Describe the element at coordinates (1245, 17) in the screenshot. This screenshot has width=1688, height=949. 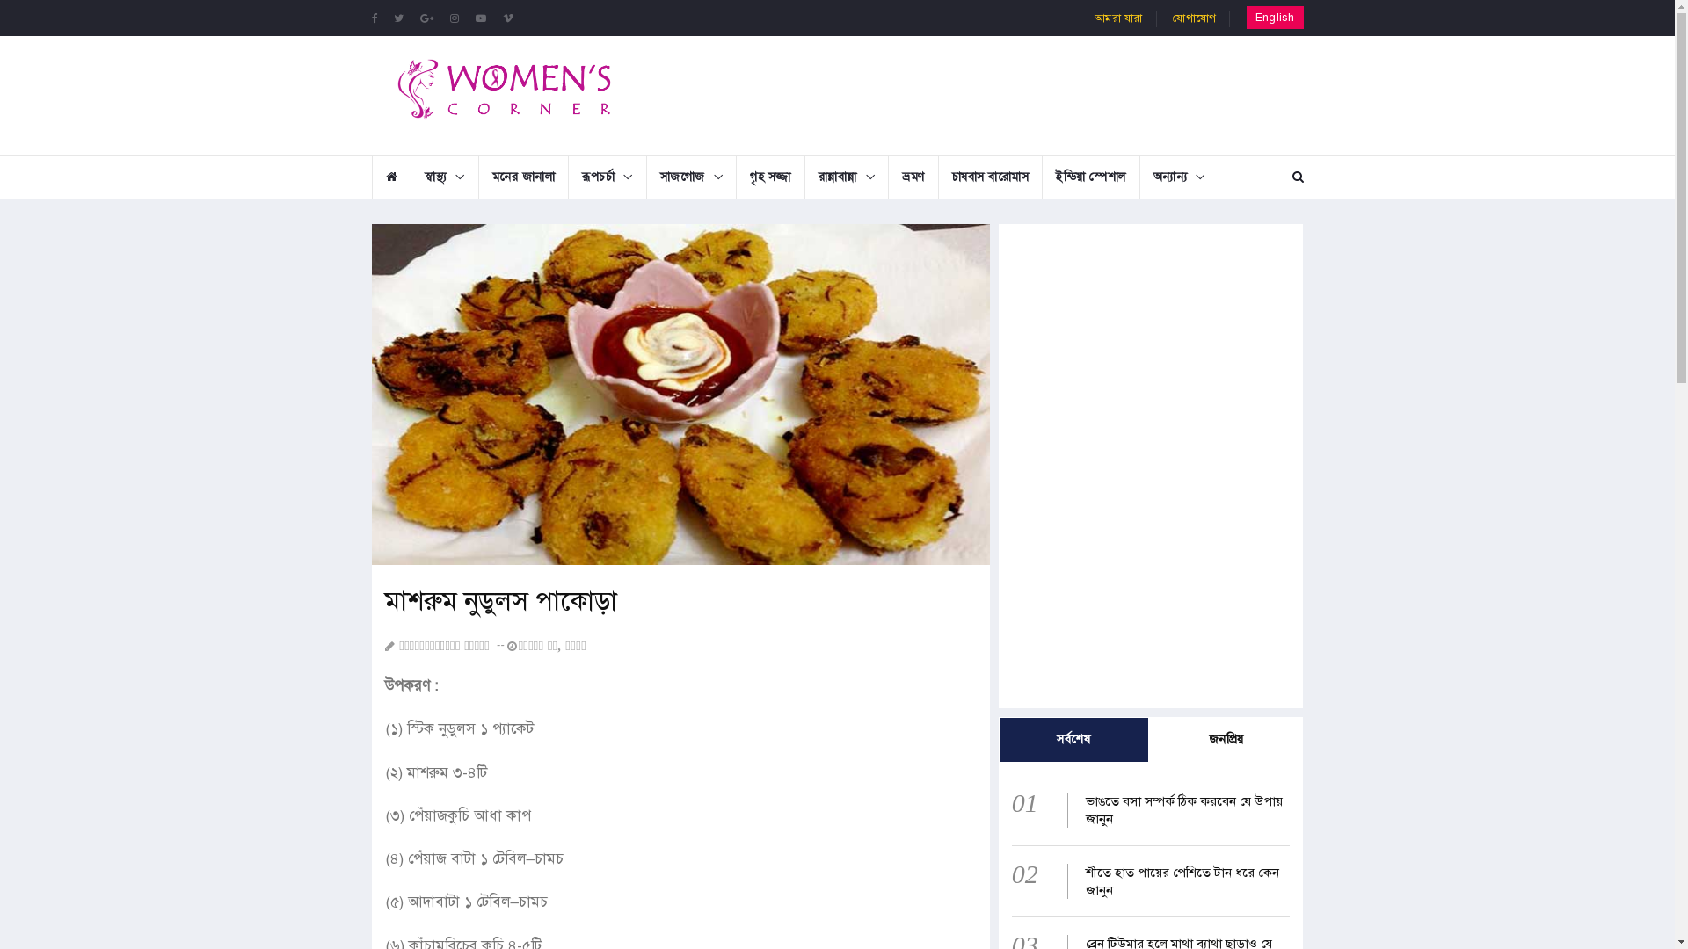
I see `'English'` at that location.